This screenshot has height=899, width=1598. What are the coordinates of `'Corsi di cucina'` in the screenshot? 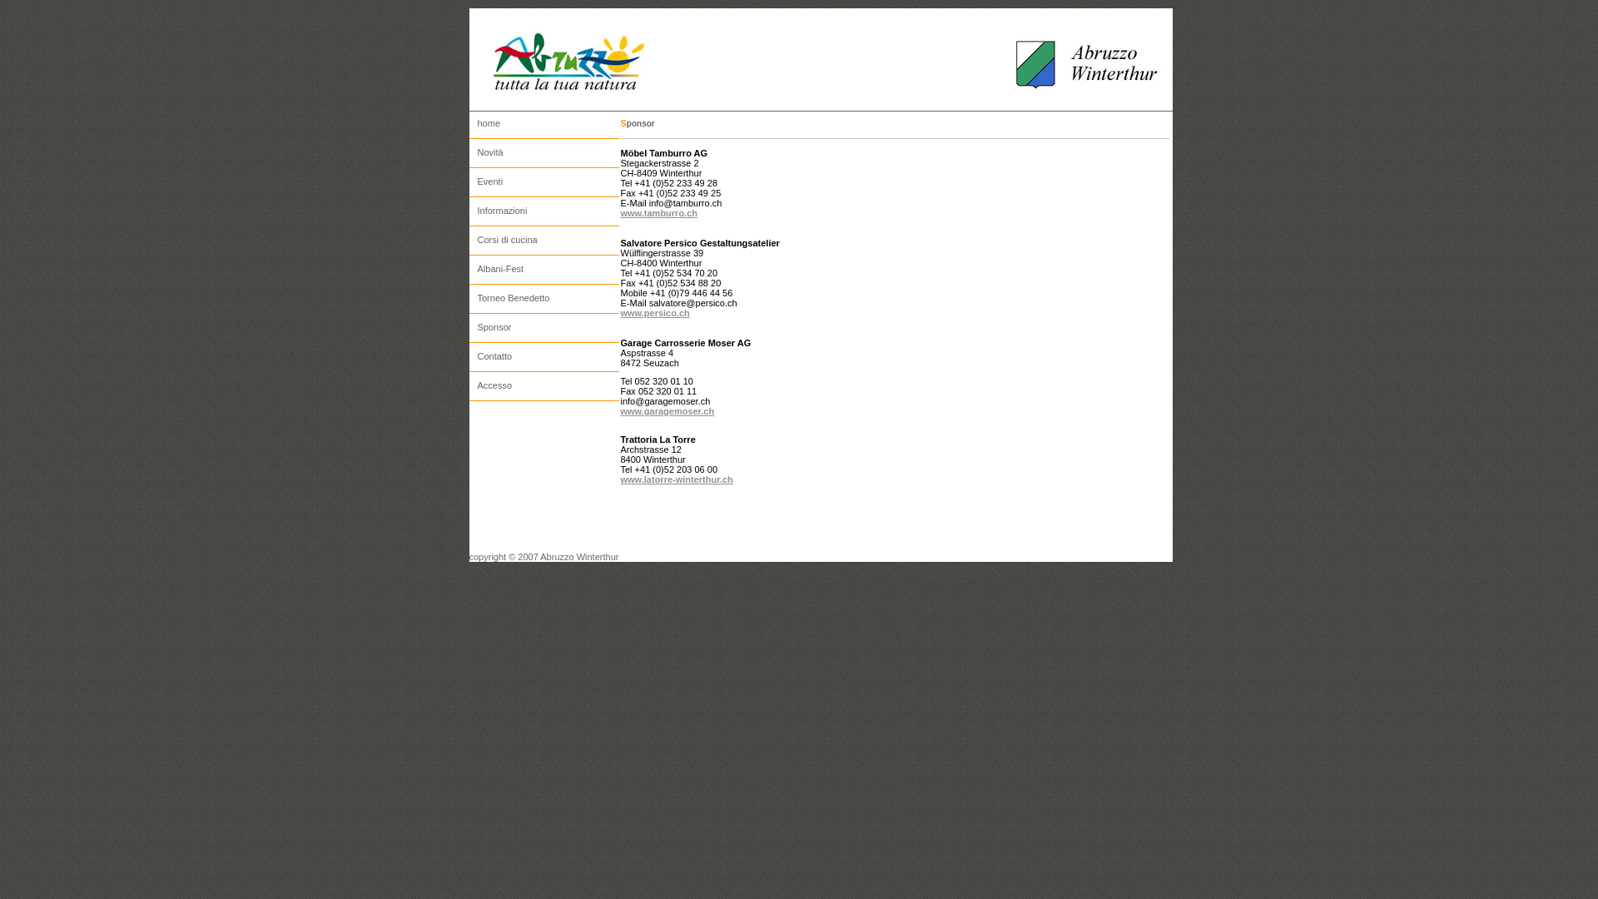 It's located at (543, 241).